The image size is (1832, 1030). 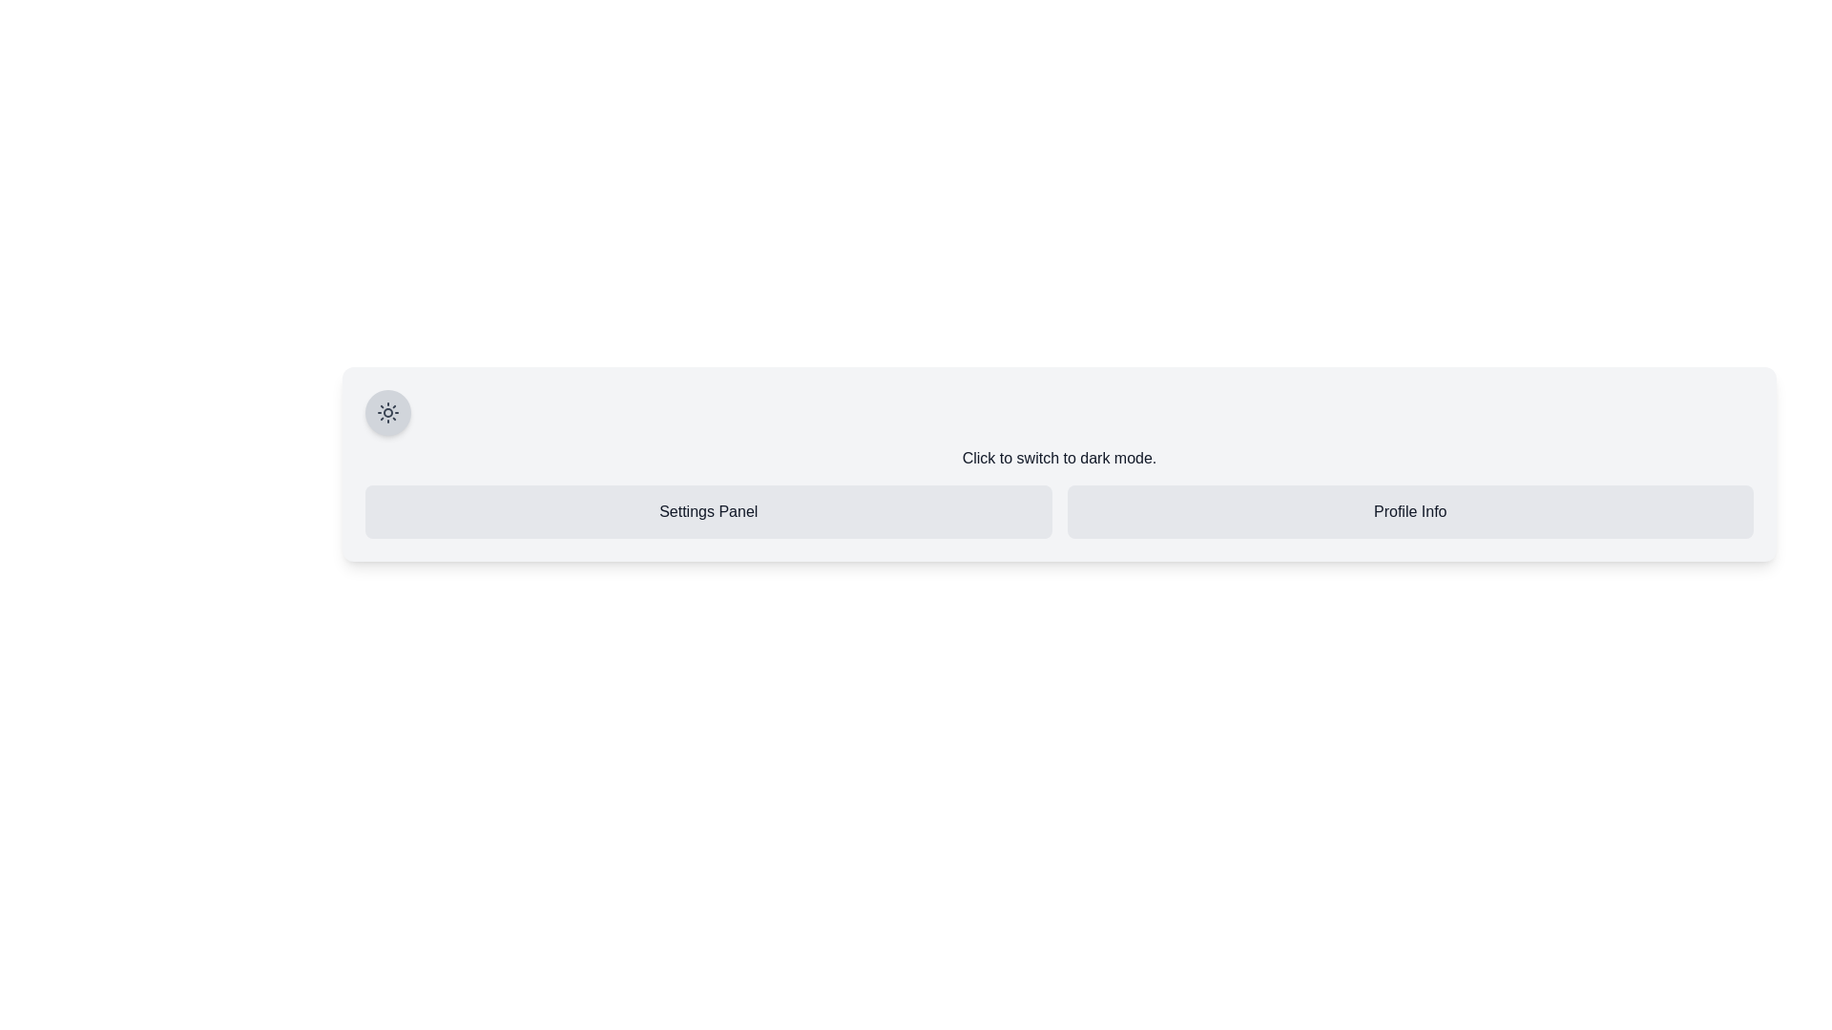 What do you see at coordinates (707, 510) in the screenshot?
I see `the 'Settings Panel' text label, which is a rectangular area with a light-gray background and rounded corners, positioned on the left side of a two-column layout` at bounding box center [707, 510].